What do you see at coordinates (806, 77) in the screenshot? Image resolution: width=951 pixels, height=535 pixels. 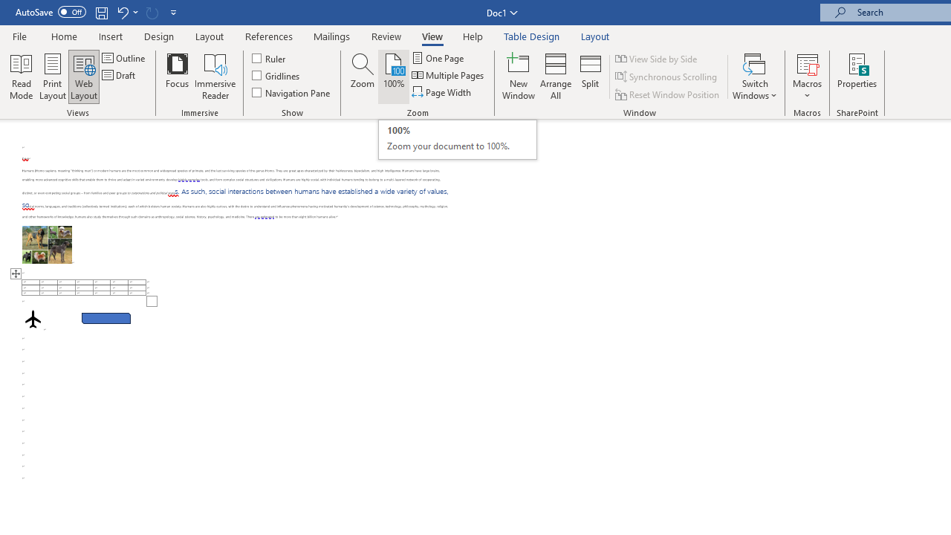 I see `'Macros'` at bounding box center [806, 77].